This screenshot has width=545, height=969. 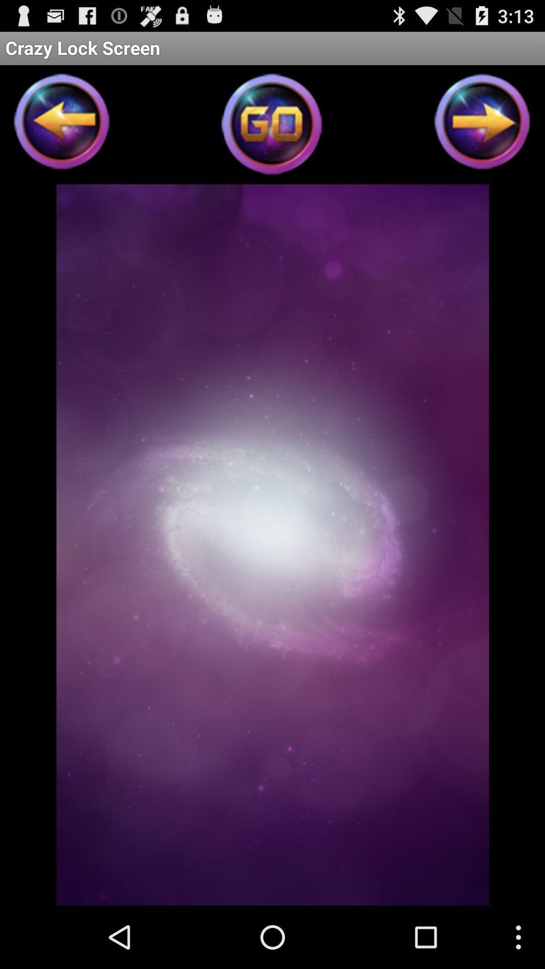 I want to click on icon at the center, so click(x=272, y=544).